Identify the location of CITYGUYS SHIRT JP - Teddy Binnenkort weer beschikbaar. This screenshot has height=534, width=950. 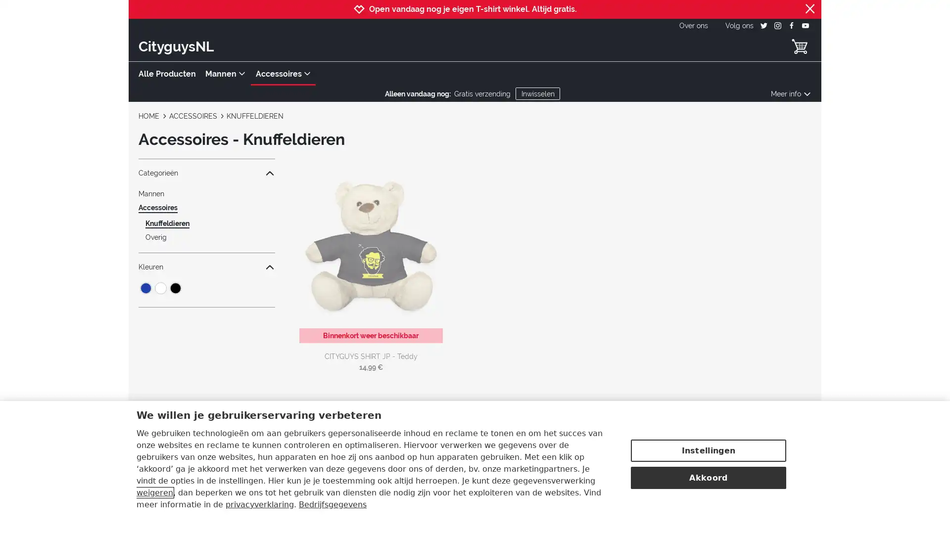
(370, 253).